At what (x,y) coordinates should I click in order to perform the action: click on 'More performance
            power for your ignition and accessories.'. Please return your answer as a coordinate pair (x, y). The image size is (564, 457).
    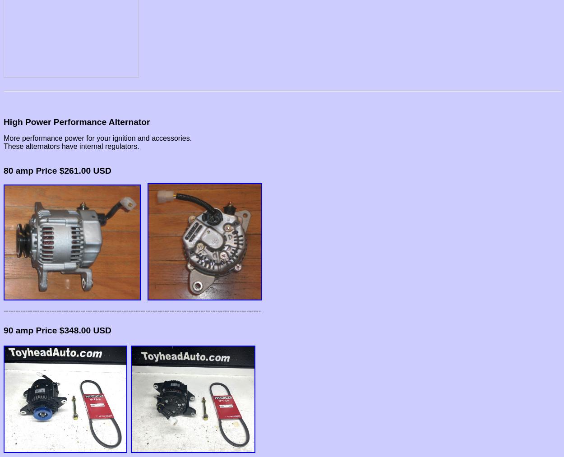
    Looking at the image, I should click on (97, 138).